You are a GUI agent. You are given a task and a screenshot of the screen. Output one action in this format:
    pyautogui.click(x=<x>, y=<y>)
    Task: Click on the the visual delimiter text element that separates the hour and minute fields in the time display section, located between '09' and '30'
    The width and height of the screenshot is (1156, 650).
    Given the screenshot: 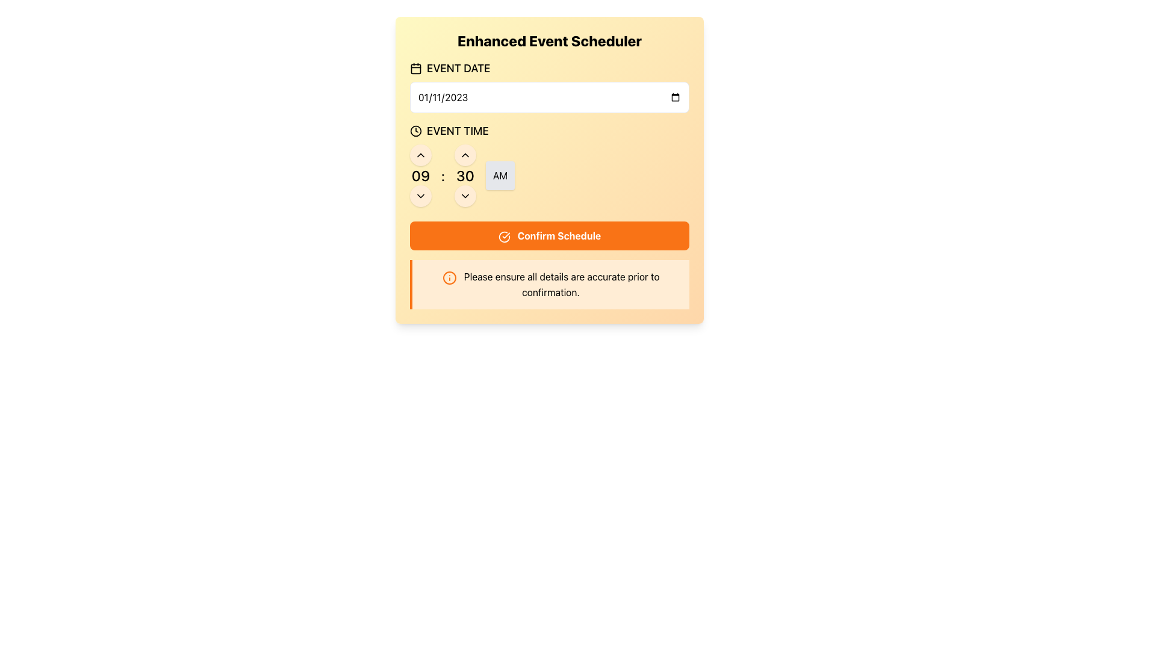 What is the action you would take?
    pyautogui.click(x=442, y=176)
    